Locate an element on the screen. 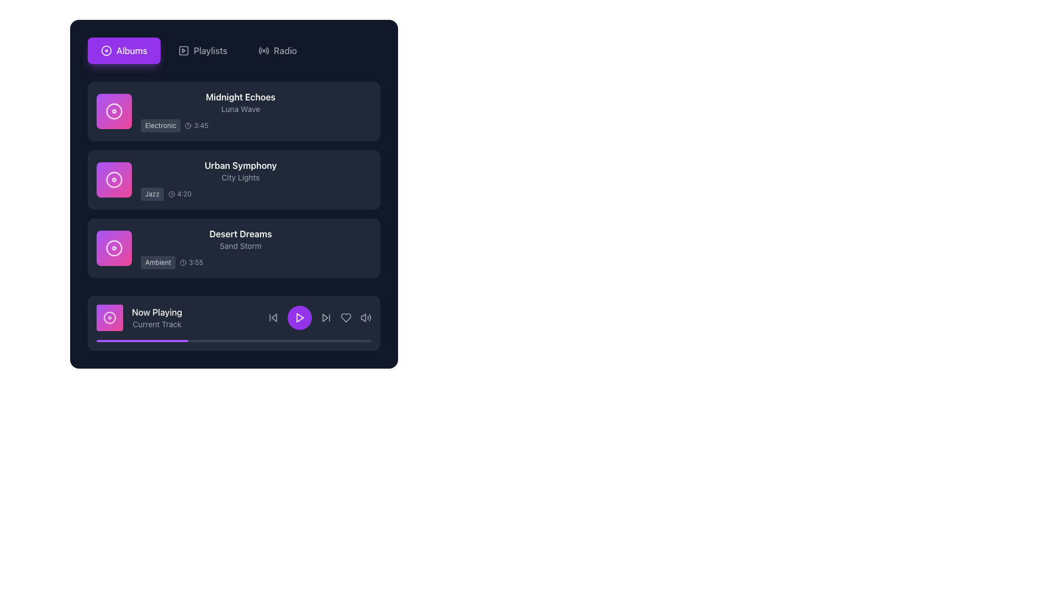 The image size is (1060, 596). the text showing the duration of the associated album or track located to the right of the label 'Electronic' under the album titled 'Midnight Echoes' is located at coordinates (197, 125).